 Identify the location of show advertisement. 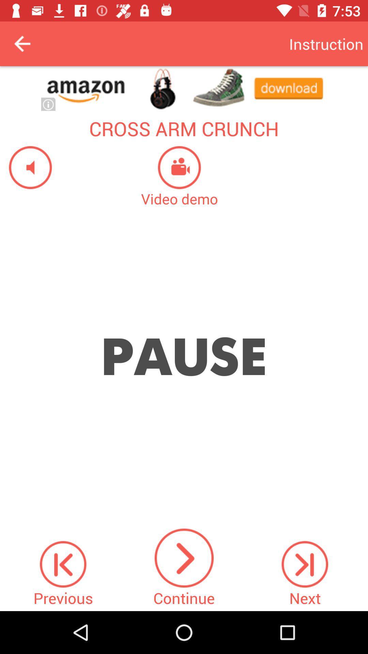
(184, 88).